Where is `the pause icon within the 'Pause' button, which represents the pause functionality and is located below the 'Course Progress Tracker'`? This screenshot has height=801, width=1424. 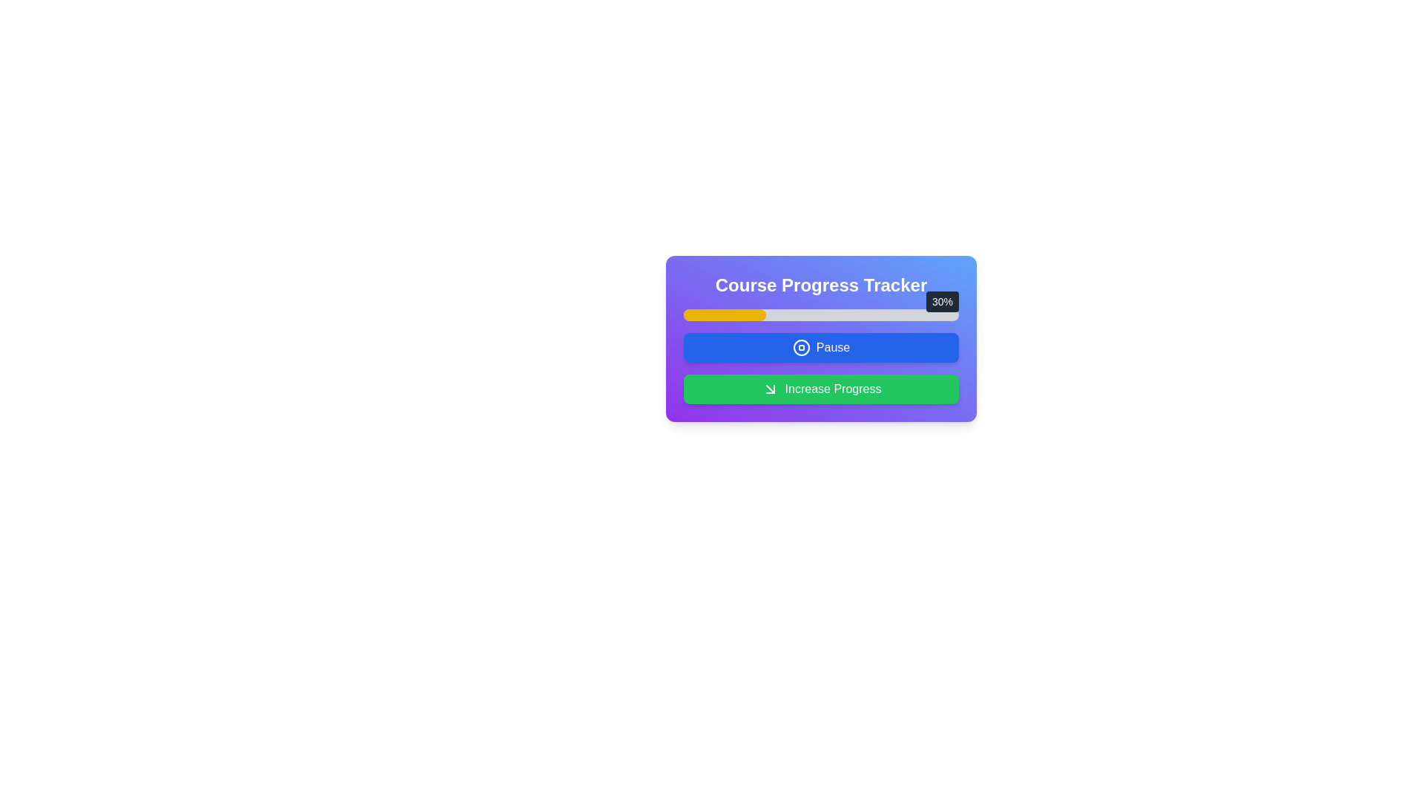 the pause icon within the 'Pause' button, which represents the pause functionality and is located below the 'Course Progress Tracker' is located at coordinates (800, 348).